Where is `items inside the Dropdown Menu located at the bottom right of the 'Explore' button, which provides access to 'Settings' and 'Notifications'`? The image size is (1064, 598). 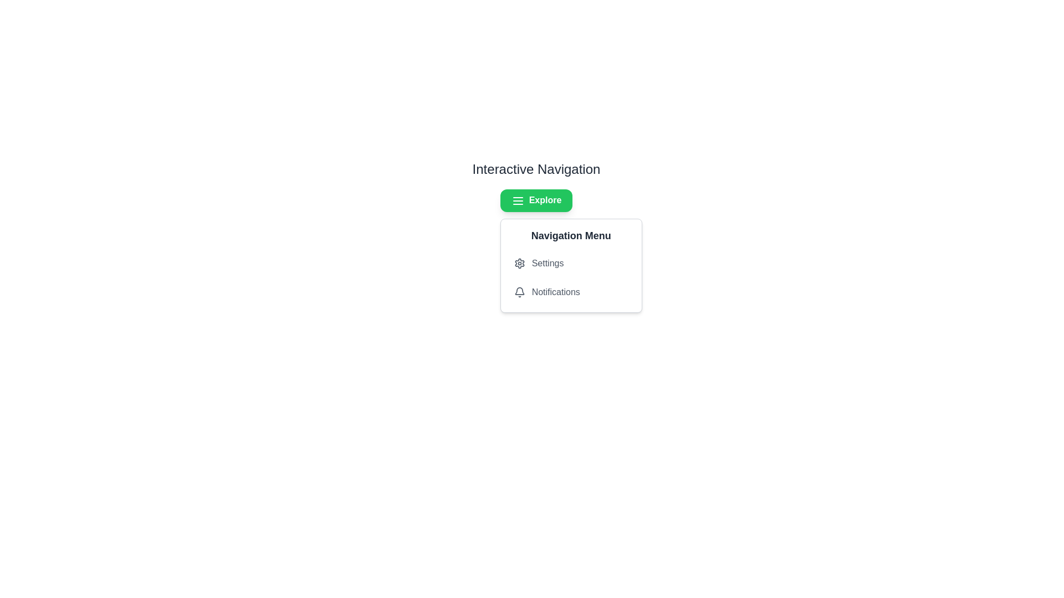 items inside the Dropdown Menu located at the bottom right of the 'Explore' button, which provides access to 'Settings' and 'Notifications' is located at coordinates (571, 265).